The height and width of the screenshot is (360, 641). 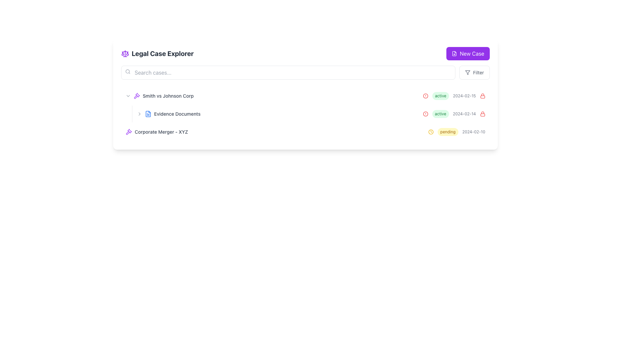 I want to click on the status indicator for 'Evidence Documents', which is the second row item with a green badge indicating active status and a date label, located on the right side of the row, so click(x=454, y=114).